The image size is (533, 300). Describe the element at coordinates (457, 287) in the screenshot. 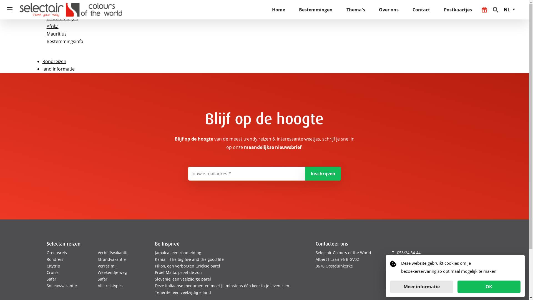

I see `'OK'` at that location.